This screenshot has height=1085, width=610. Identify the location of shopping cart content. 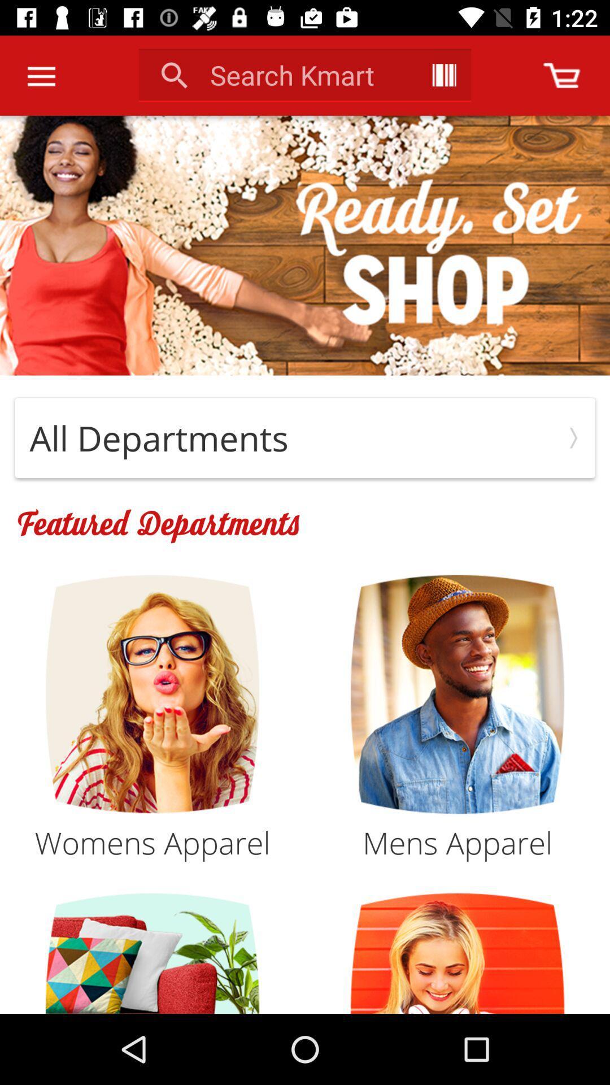
(561, 75).